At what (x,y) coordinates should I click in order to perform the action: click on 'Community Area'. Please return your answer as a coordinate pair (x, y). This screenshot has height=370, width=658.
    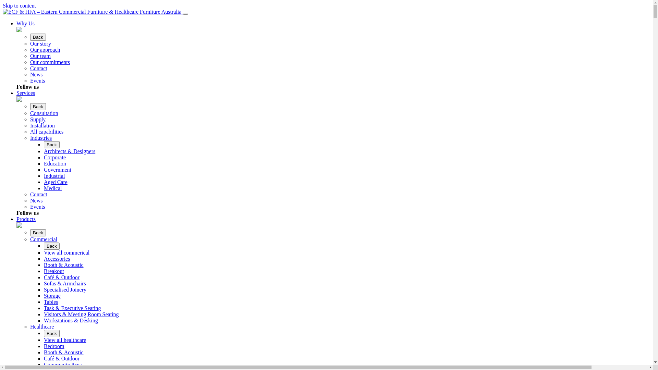
    Looking at the image, I should click on (63, 364).